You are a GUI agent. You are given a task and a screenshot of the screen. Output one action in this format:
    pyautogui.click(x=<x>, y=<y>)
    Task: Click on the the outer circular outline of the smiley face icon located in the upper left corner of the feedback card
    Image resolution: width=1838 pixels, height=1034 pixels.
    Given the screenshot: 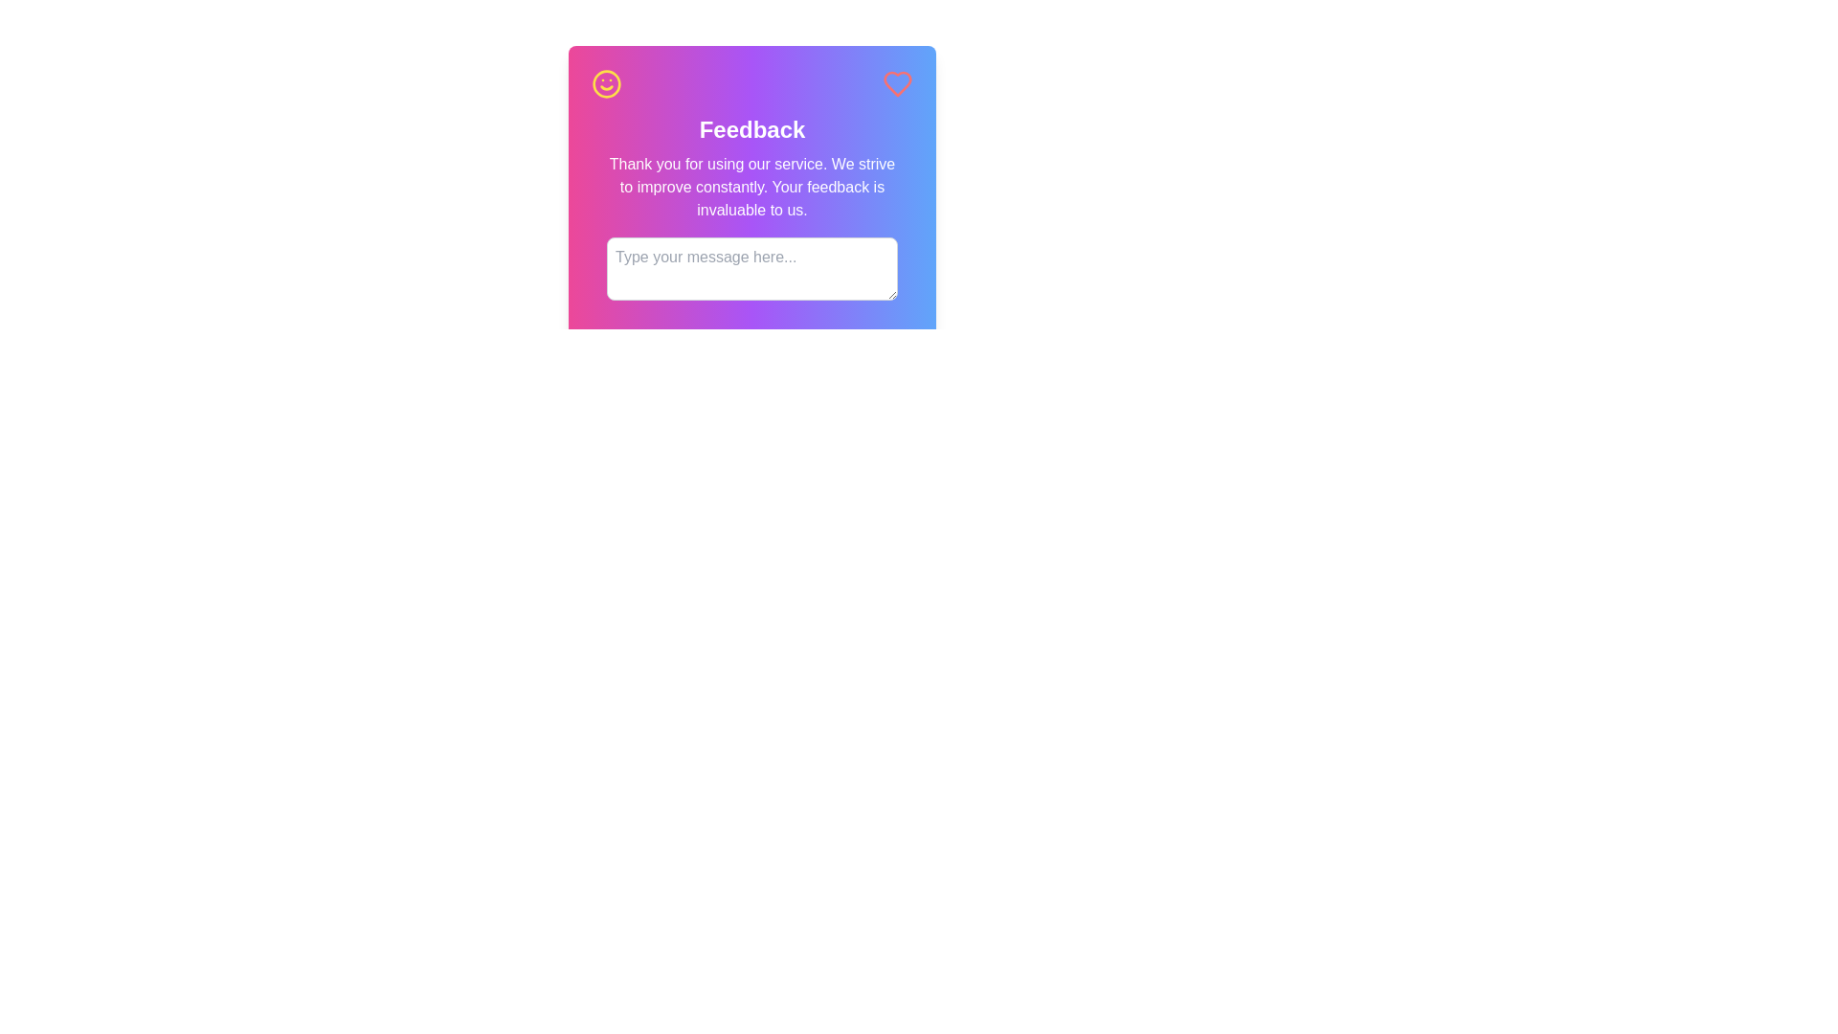 What is the action you would take?
    pyautogui.click(x=605, y=83)
    